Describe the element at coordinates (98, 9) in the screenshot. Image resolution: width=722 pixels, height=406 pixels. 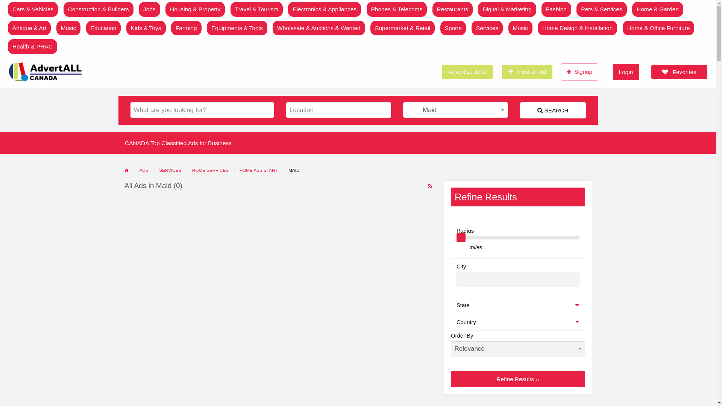
I see `'Construction & Builders'` at that location.